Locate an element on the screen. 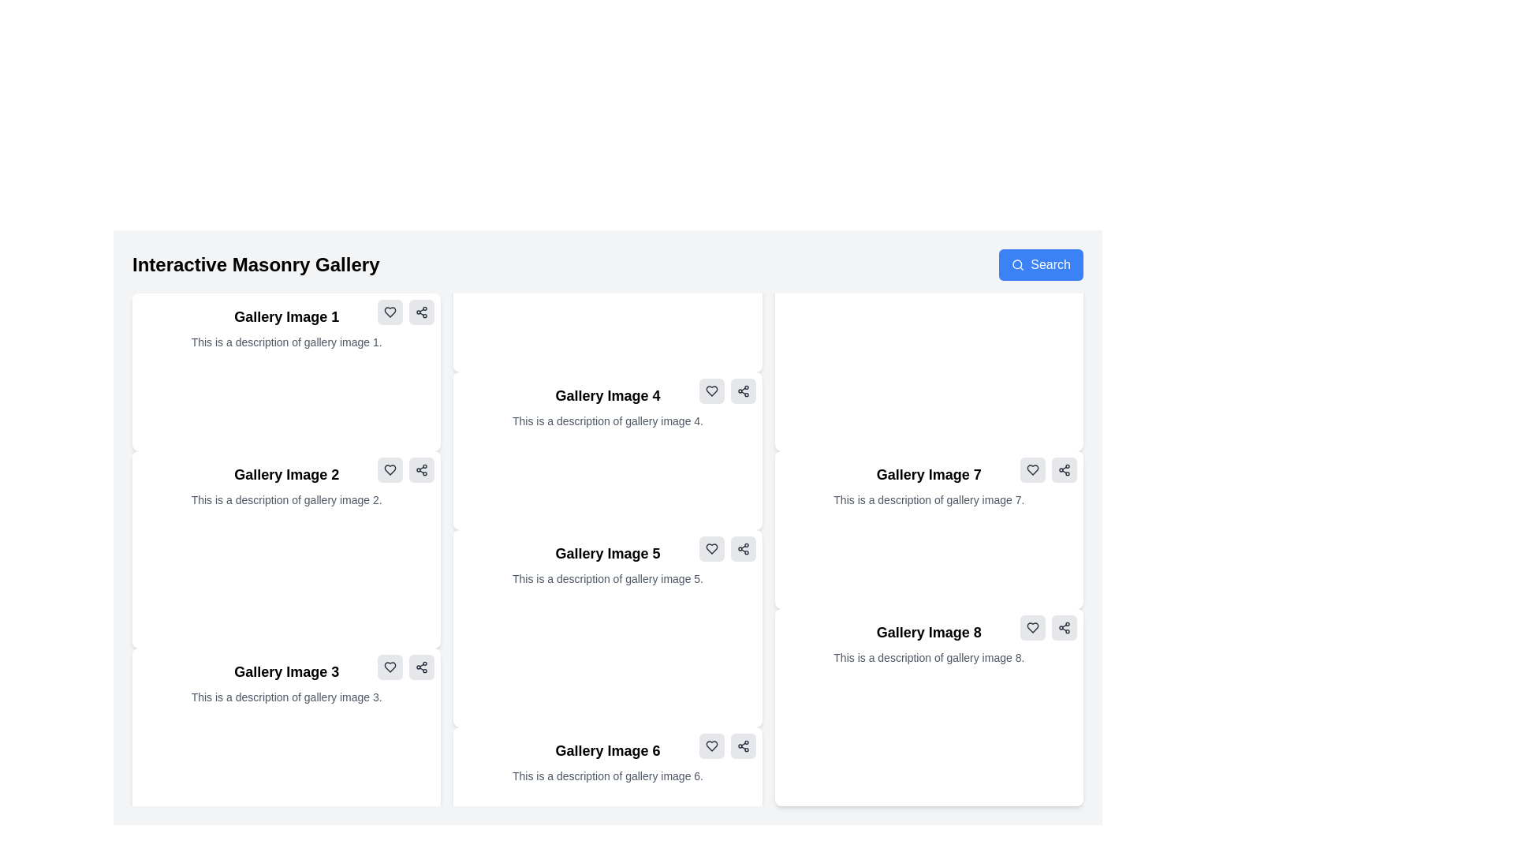 The width and height of the screenshot is (1514, 852). text element providing additional descriptive information about 'Gallery Image 7' located underneath its title in the third column of the second row in the gallery layout is located at coordinates (929, 499).